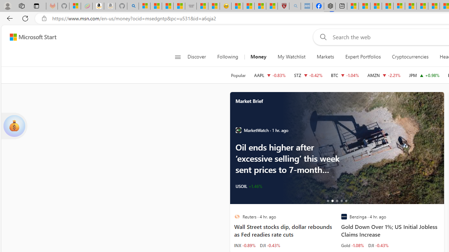  Describe the element at coordinates (177, 57) in the screenshot. I see `'Open navigation menu'` at that location.